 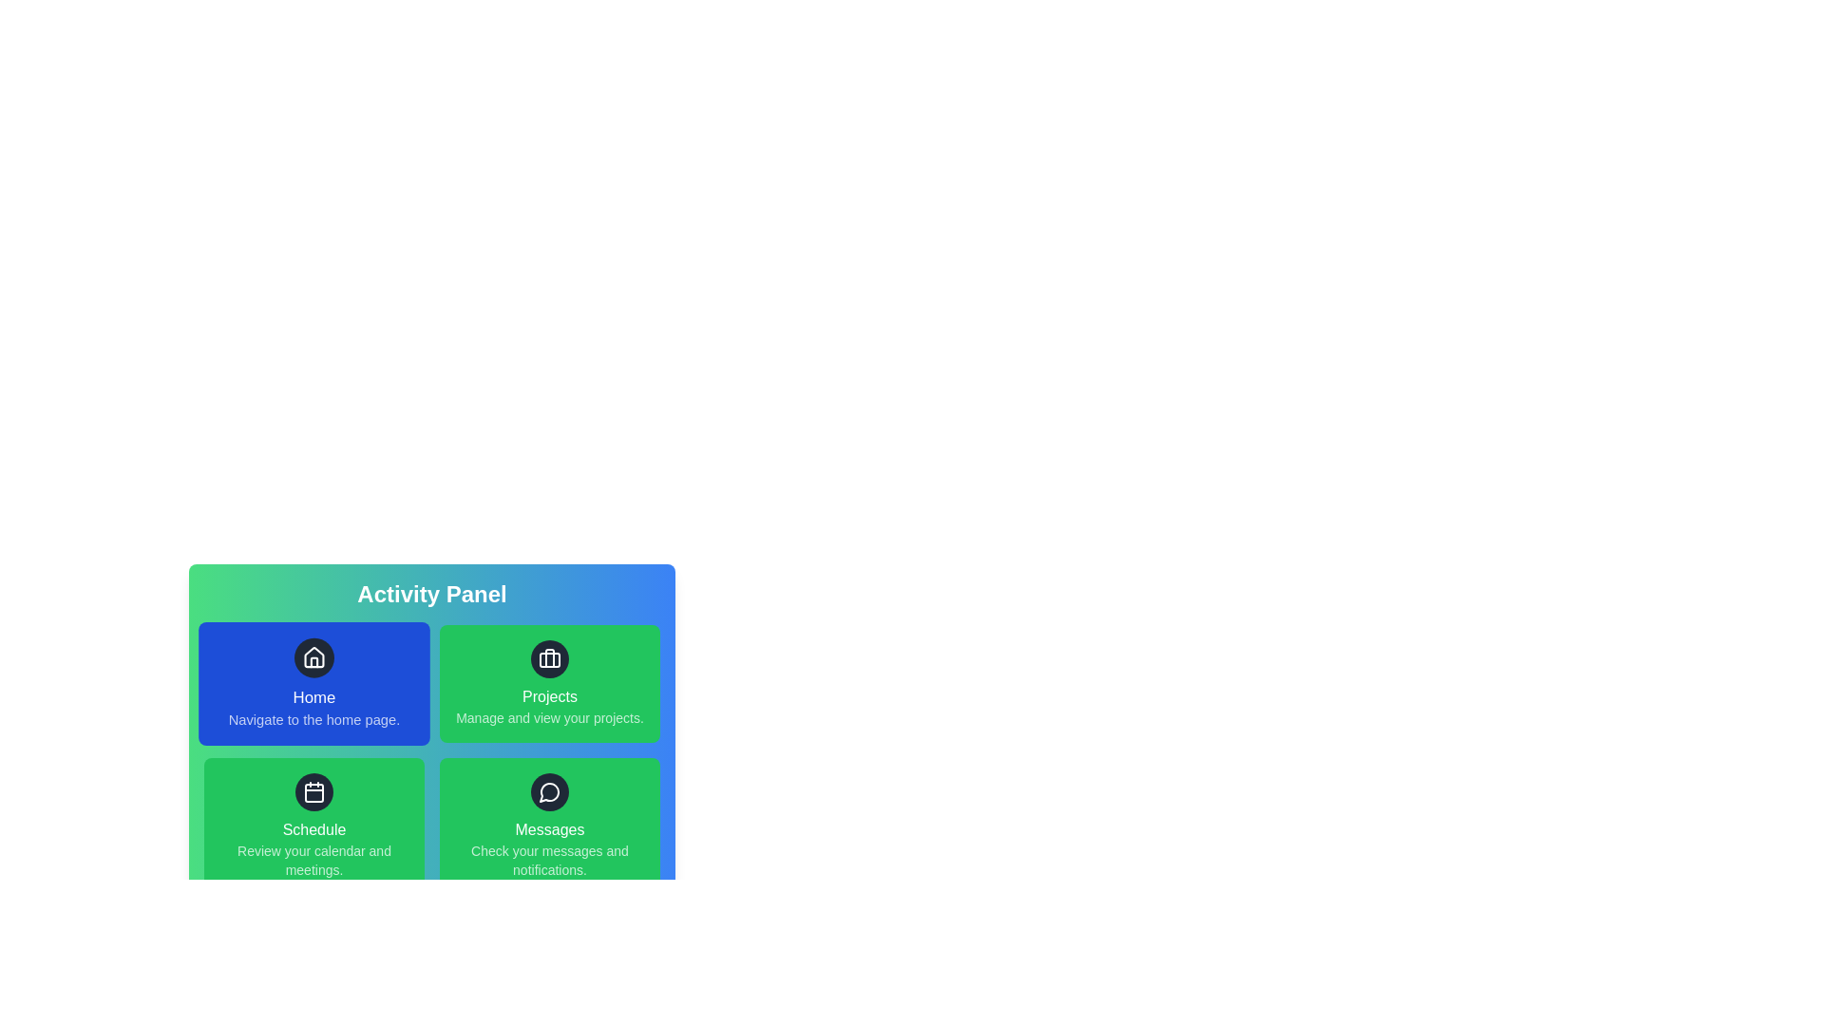 What do you see at coordinates (549, 826) in the screenshot?
I see `the Messages item in the Activity Panel` at bounding box center [549, 826].